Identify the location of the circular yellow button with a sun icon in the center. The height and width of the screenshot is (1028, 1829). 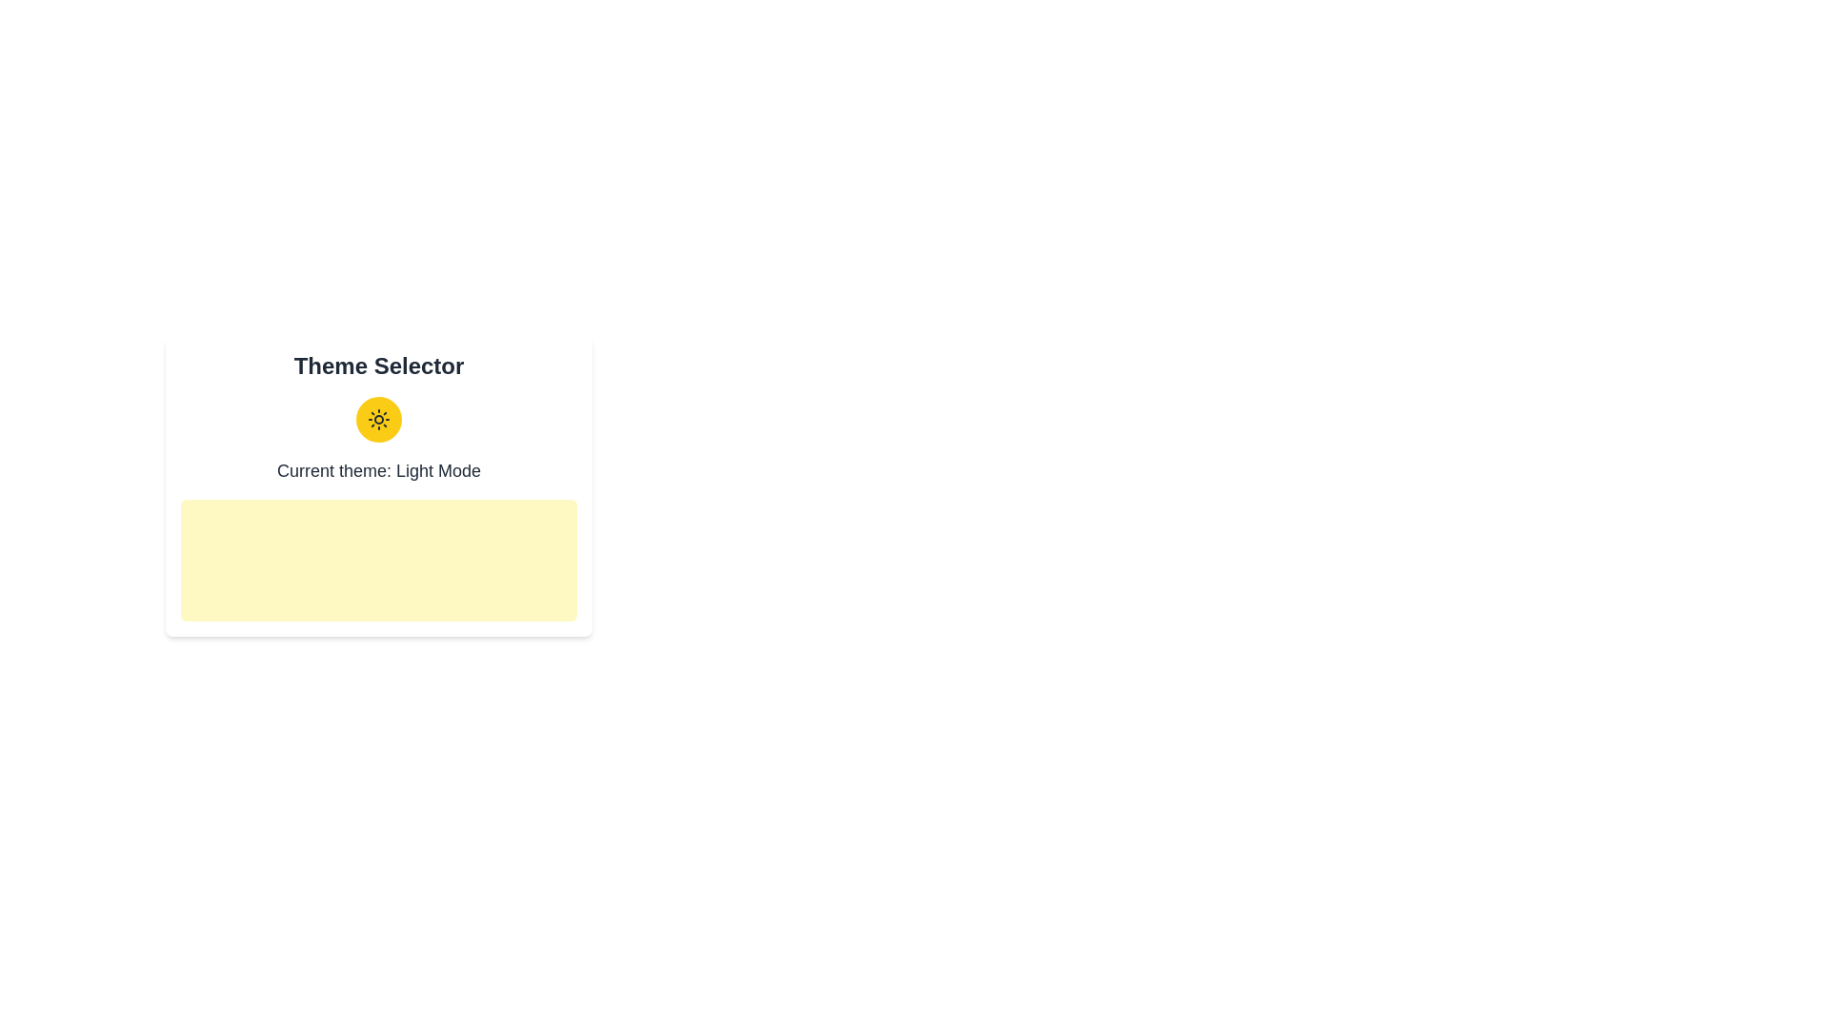
(379, 418).